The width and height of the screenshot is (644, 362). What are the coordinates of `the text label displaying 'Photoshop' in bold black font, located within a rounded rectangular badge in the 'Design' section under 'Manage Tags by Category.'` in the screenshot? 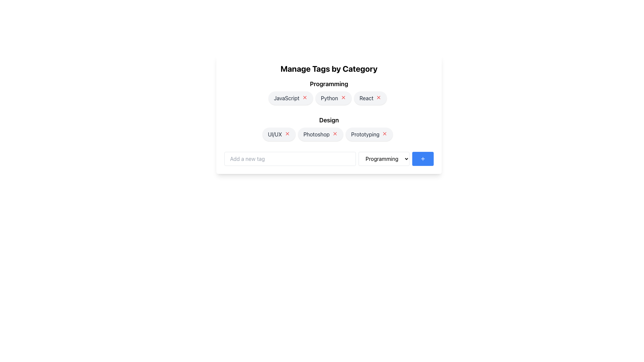 It's located at (316, 134).